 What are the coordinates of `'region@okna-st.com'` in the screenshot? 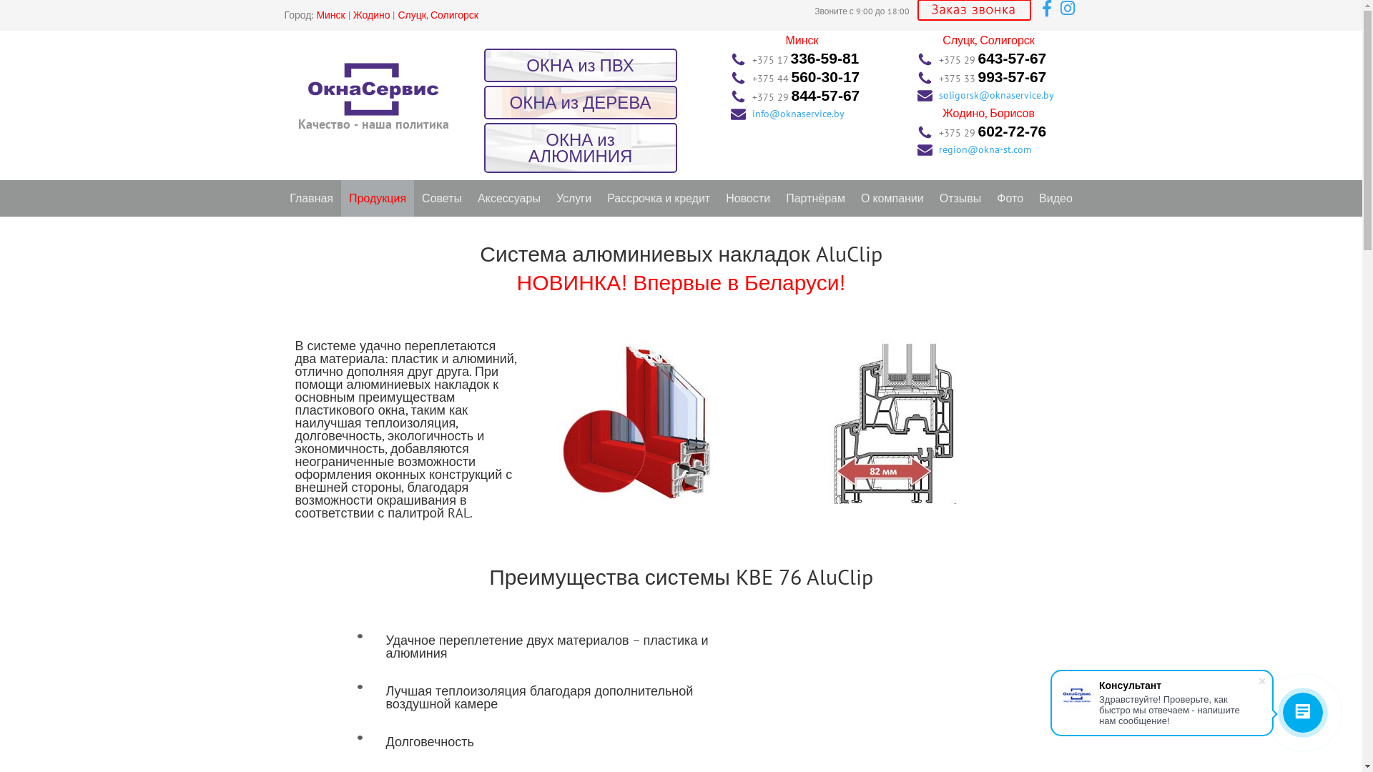 It's located at (983, 149).